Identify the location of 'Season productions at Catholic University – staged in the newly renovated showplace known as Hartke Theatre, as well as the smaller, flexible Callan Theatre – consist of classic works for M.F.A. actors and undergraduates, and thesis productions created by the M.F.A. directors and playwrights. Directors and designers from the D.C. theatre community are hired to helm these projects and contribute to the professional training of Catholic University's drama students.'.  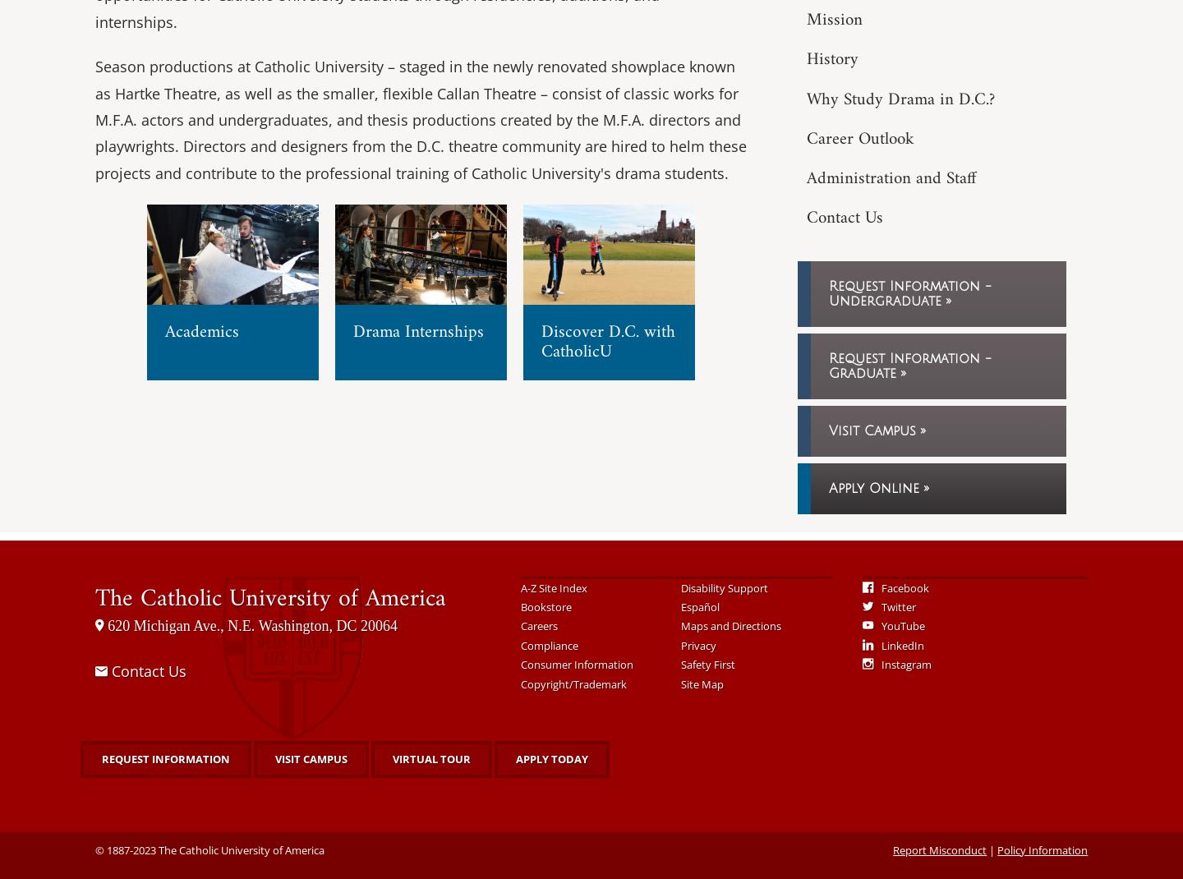
(419, 119).